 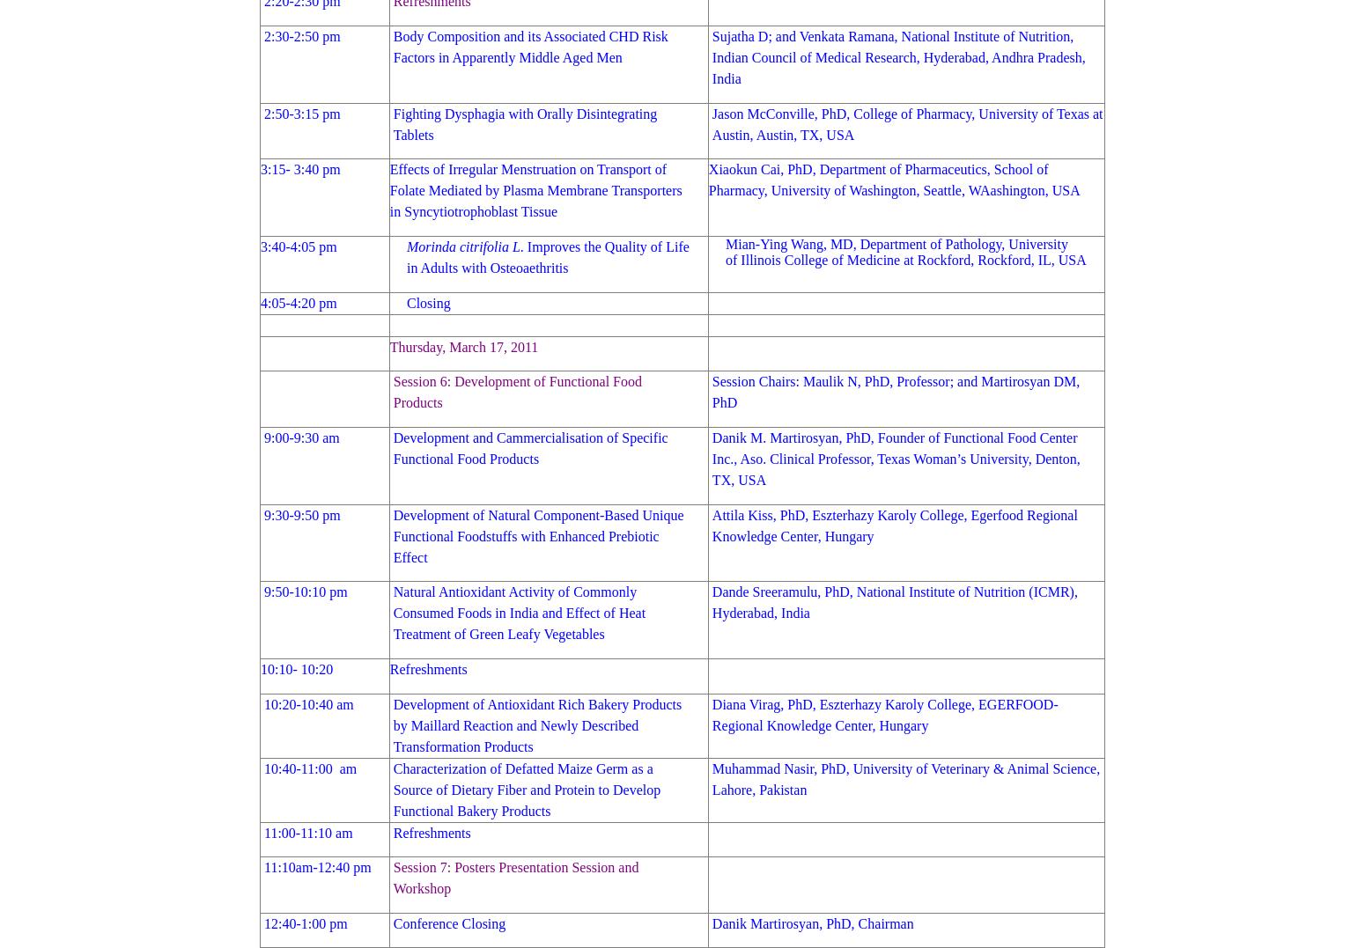 What do you see at coordinates (297, 301) in the screenshot?
I see `'4:05-4:20 pm'` at bounding box center [297, 301].